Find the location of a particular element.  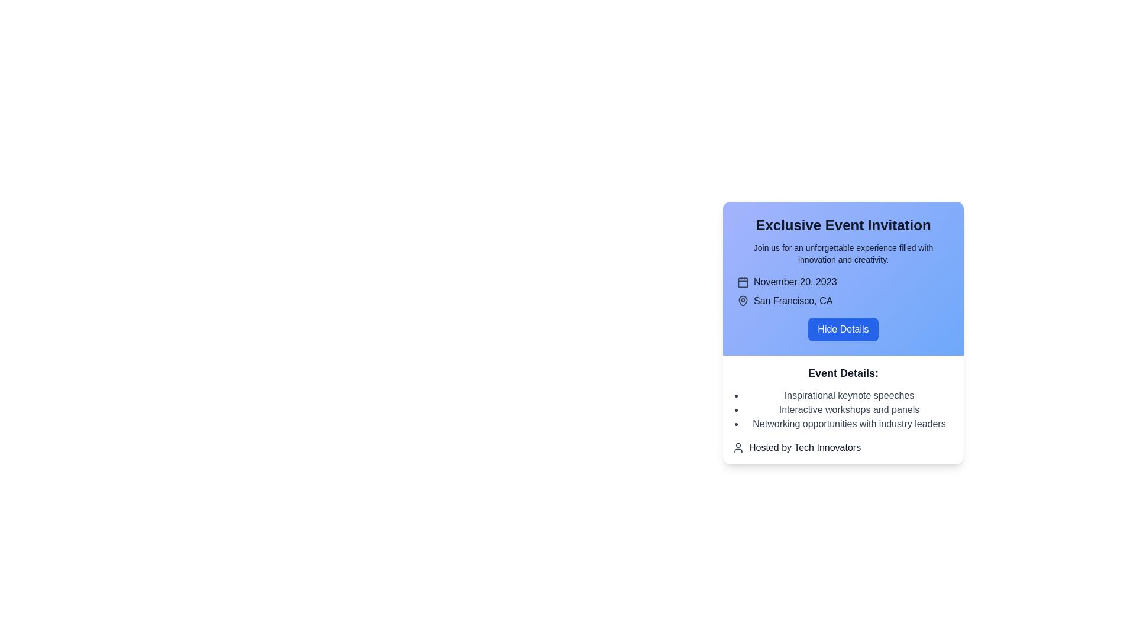

the Text Label in the 'Event Details' section of the invitation card, which is the second item in the bulleted list providing information about the event is located at coordinates (848, 409).